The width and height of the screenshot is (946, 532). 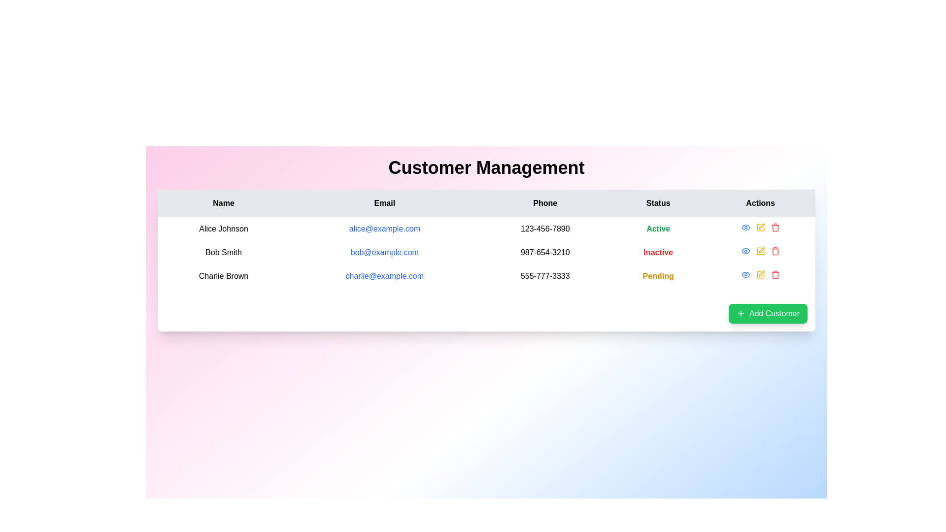 What do you see at coordinates (760, 275) in the screenshot?
I see `the group of action buttons located at the far-right end of the row containing Charlie Brown's information` at bounding box center [760, 275].